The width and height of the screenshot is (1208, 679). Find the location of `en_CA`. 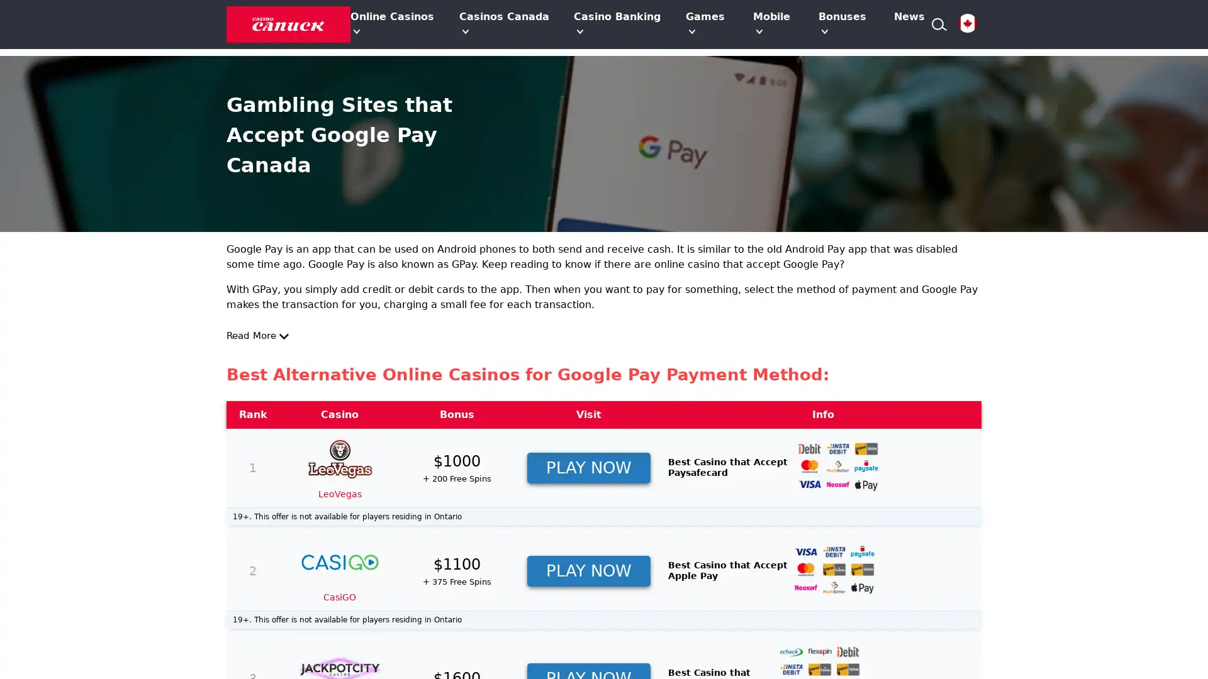

en_CA is located at coordinates (966, 24).